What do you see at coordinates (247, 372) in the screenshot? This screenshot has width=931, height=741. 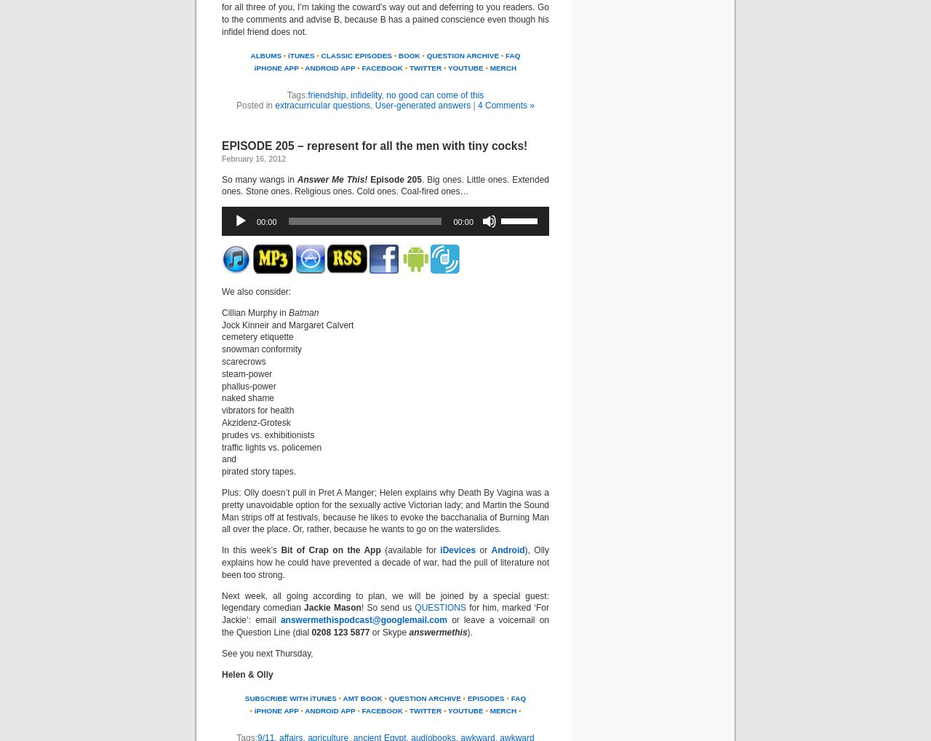 I see `'steam-power'` at bounding box center [247, 372].